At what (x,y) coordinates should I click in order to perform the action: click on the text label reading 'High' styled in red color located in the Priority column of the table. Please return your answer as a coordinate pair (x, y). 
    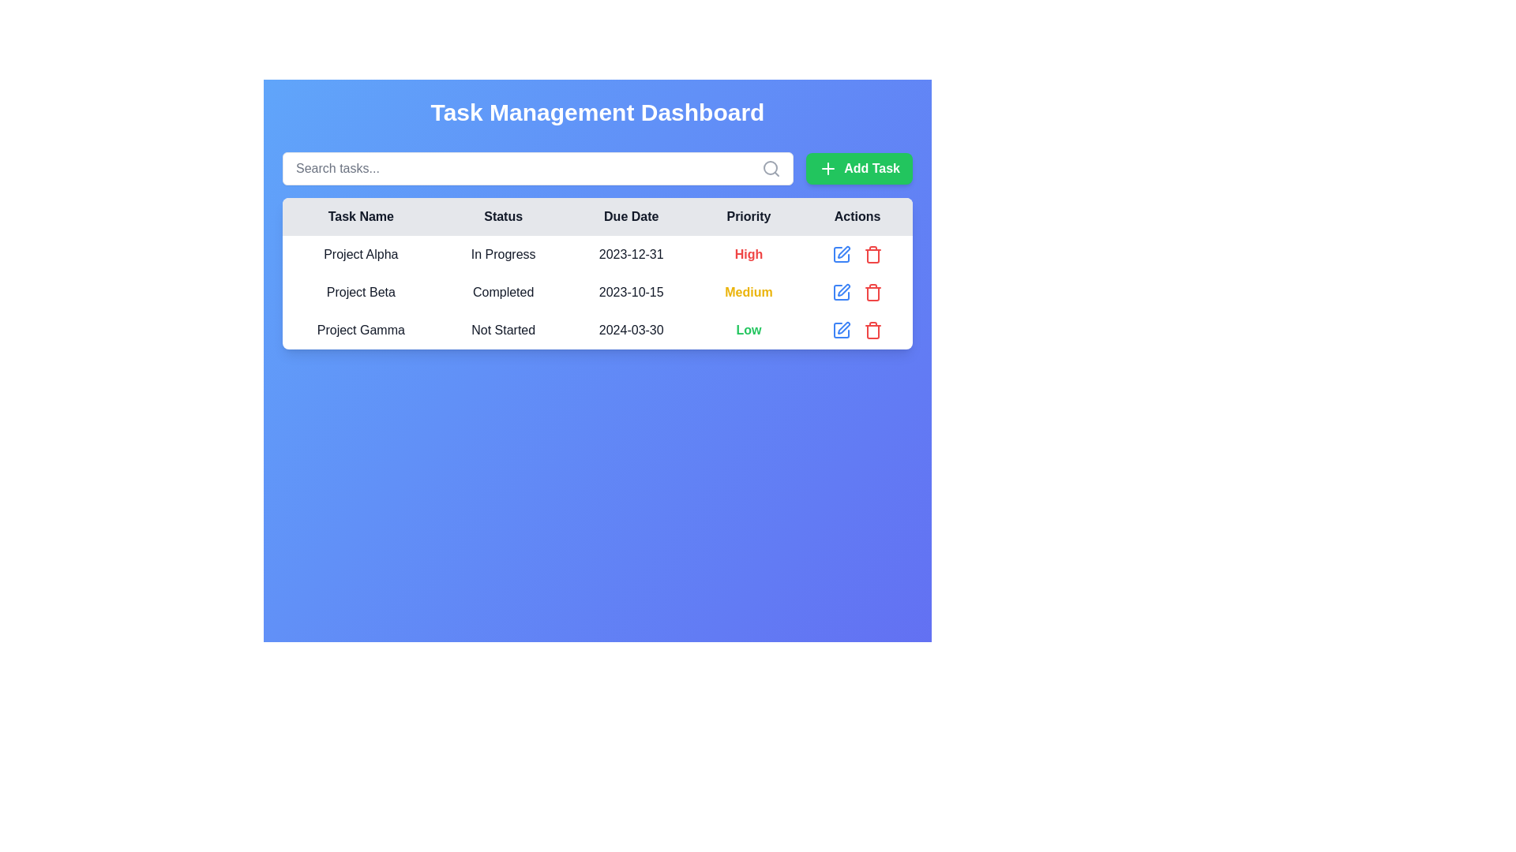
    Looking at the image, I should click on (748, 253).